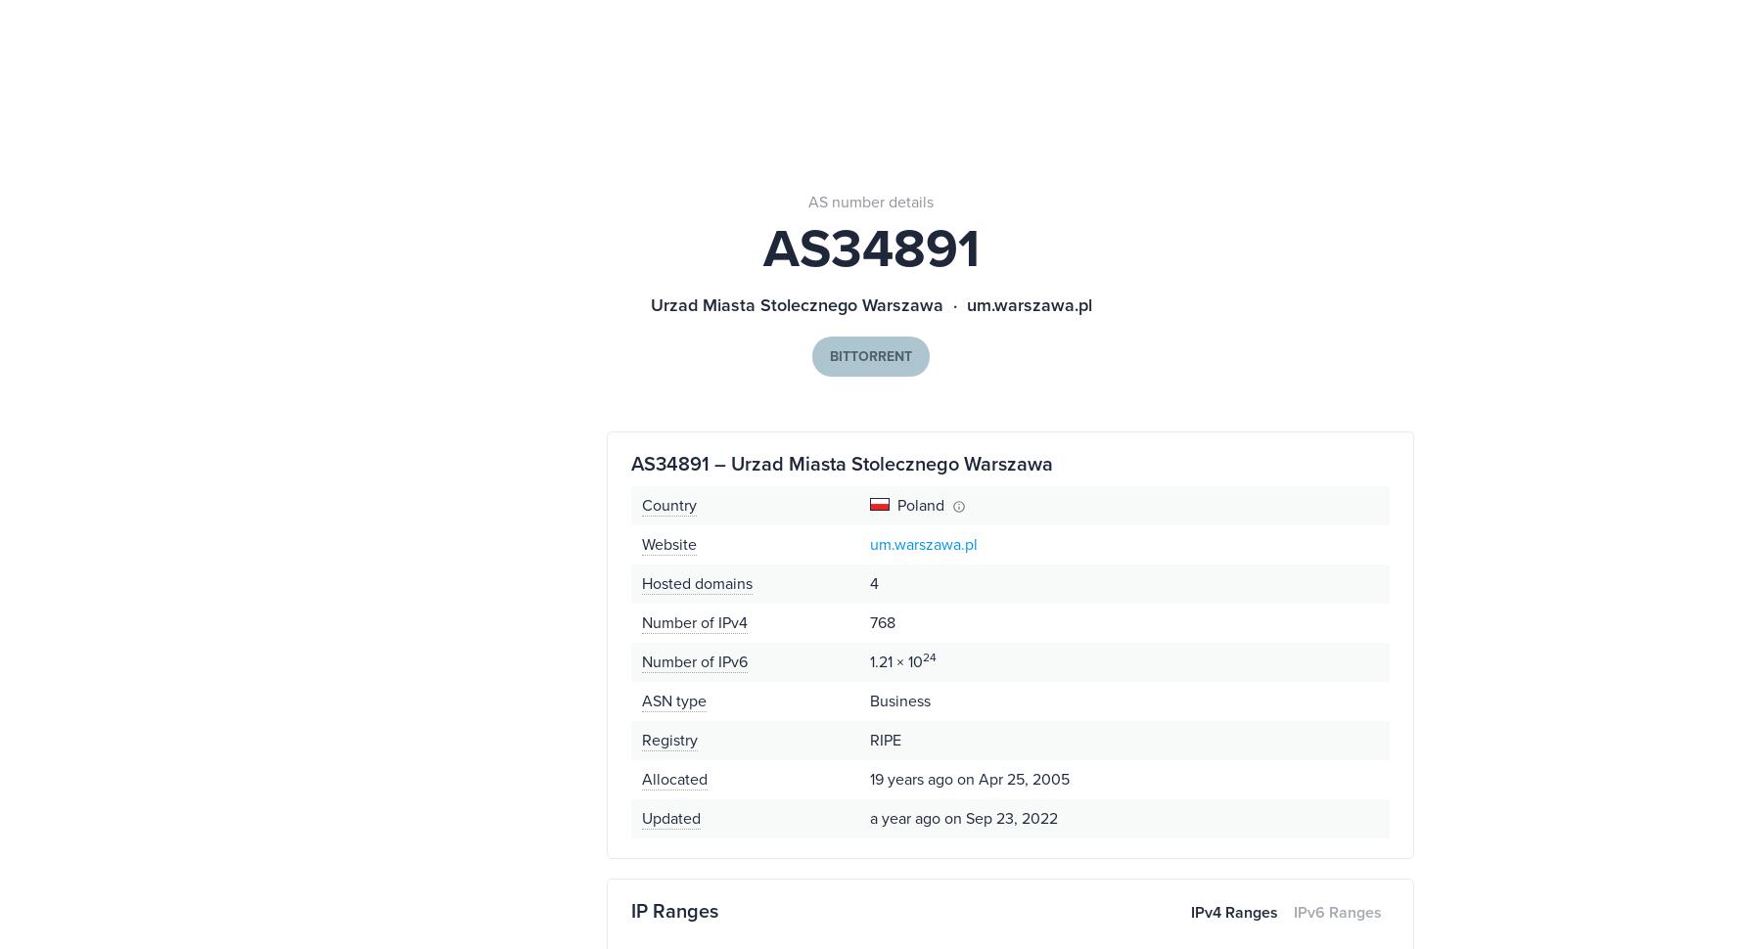 This screenshot has height=949, width=1742. What do you see at coordinates (707, 926) in the screenshot?
I see `'Contact Sales'` at bounding box center [707, 926].